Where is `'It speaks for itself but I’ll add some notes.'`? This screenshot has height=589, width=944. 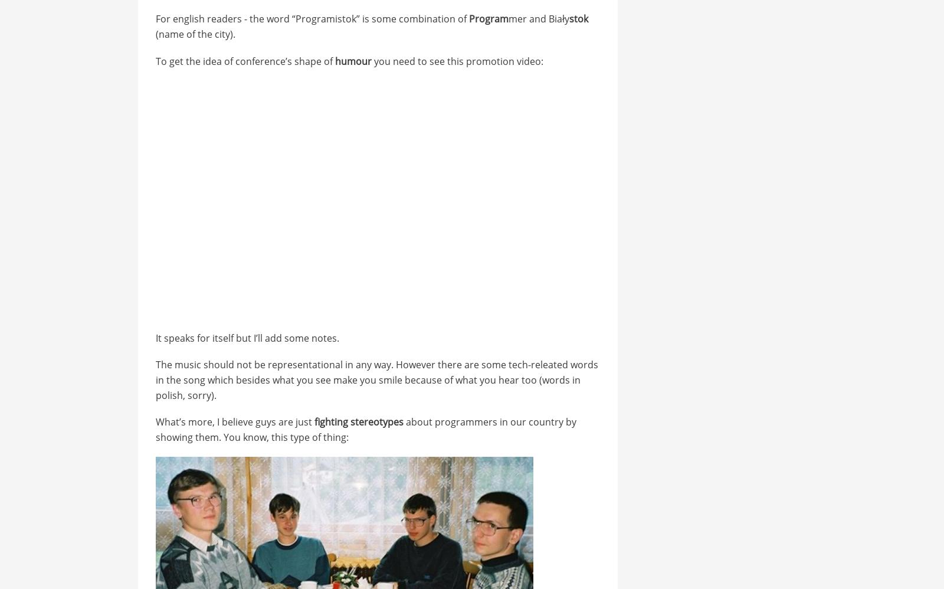 'It speaks for itself but I’ll add some notes.' is located at coordinates (246, 336).